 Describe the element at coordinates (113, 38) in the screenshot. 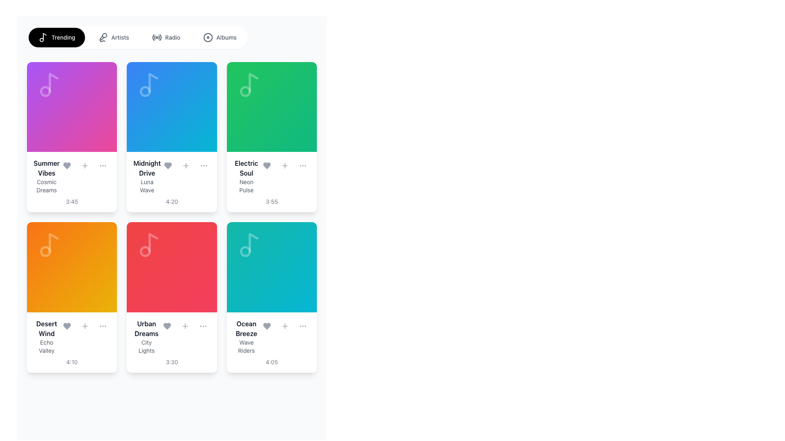

I see `the 'Artists' button in the navigation bar` at that location.